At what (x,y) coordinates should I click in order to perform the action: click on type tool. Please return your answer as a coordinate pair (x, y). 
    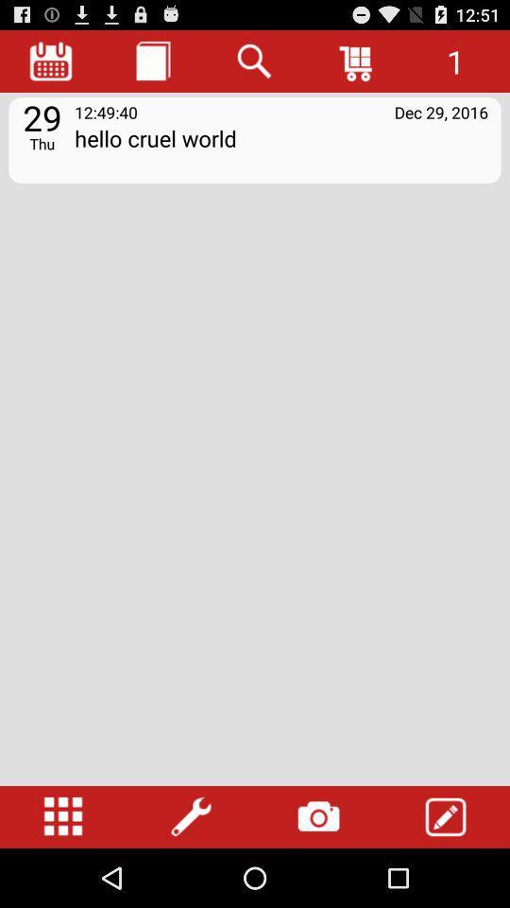
    Looking at the image, I should click on (446, 816).